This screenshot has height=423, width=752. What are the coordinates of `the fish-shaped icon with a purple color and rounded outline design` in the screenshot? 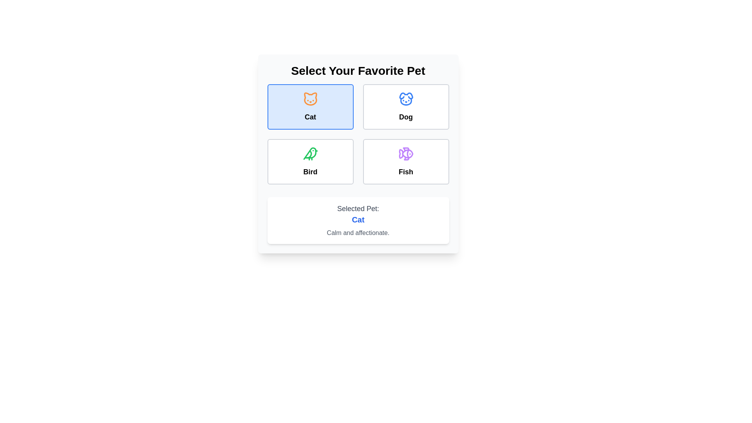 It's located at (406, 154).